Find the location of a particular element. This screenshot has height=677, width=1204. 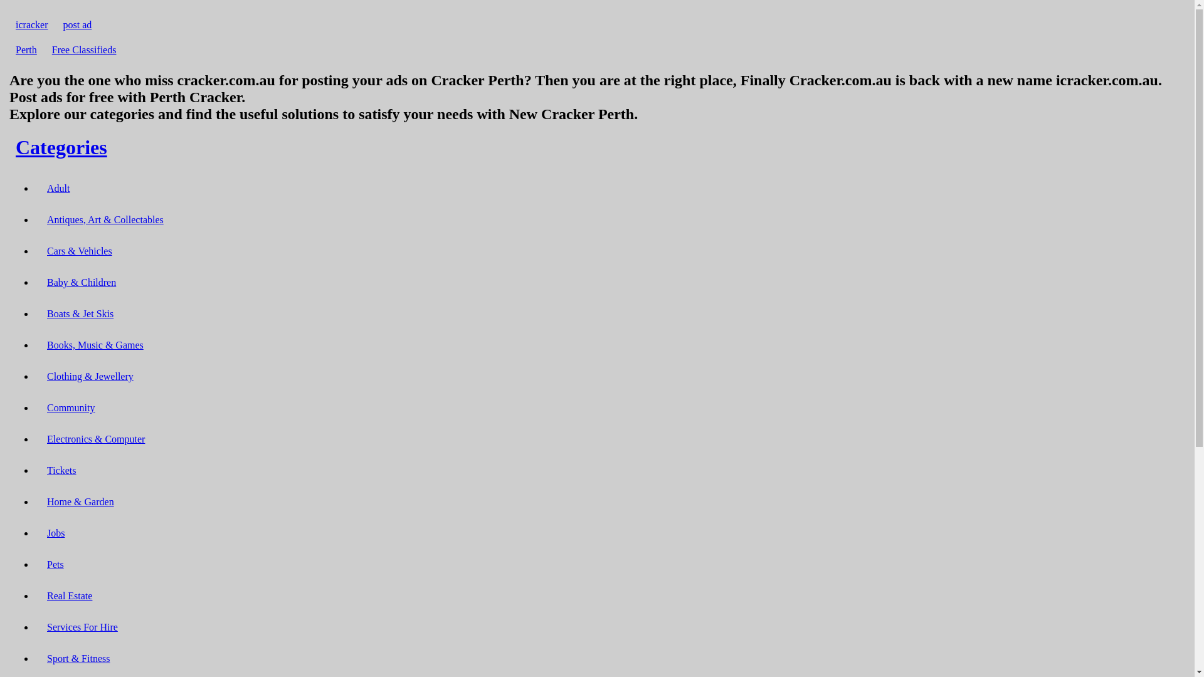

'icracker' is located at coordinates (32, 24).